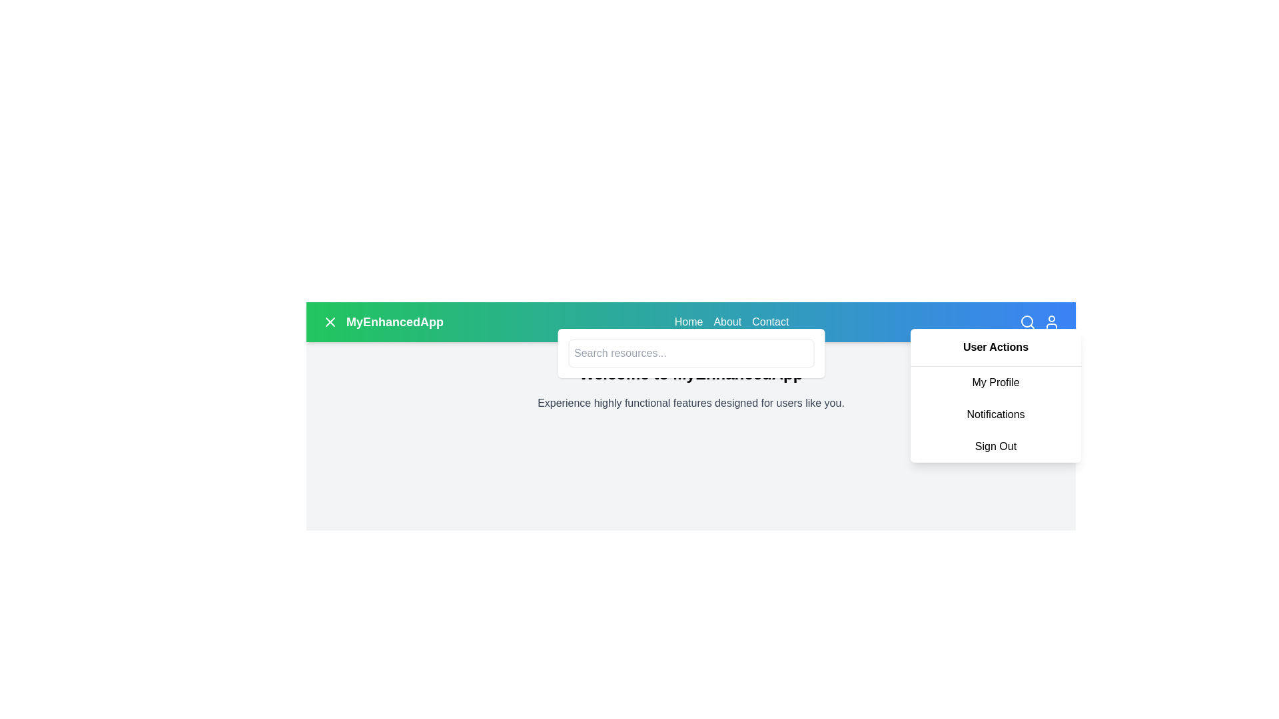 The width and height of the screenshot is (1279, 719). What do you see at coordinates (691, 322) in the screenshot?
I see `the navigation bar of 'MyEnhancedApp'` at bounding box center [691, 322].